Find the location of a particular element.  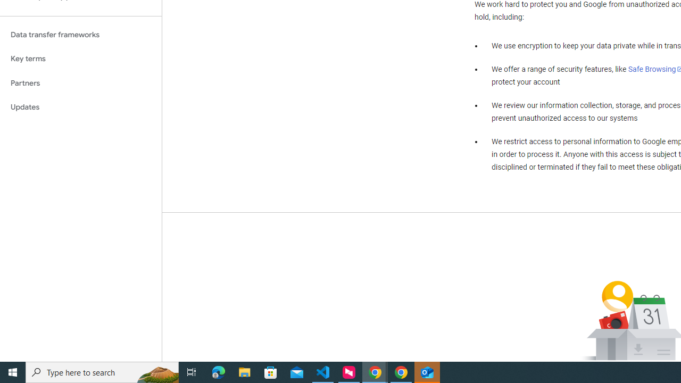

'Updates' is located at coordinates (80, 107).